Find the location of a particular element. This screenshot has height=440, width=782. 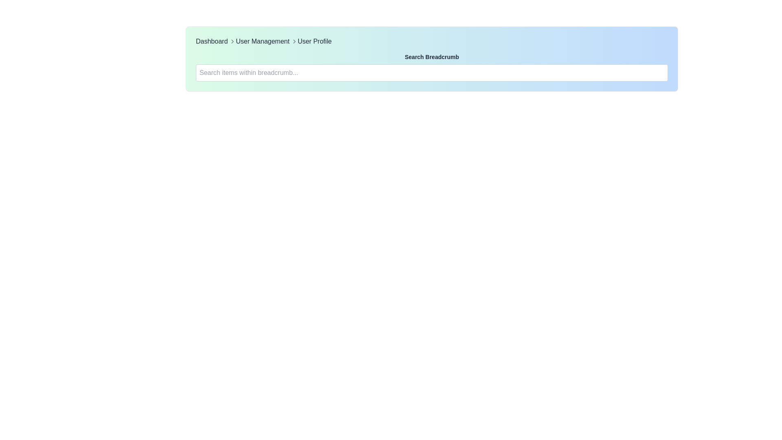

the 'User Management' link in the breadcrumb navigation is located at coordinates (263, 41).